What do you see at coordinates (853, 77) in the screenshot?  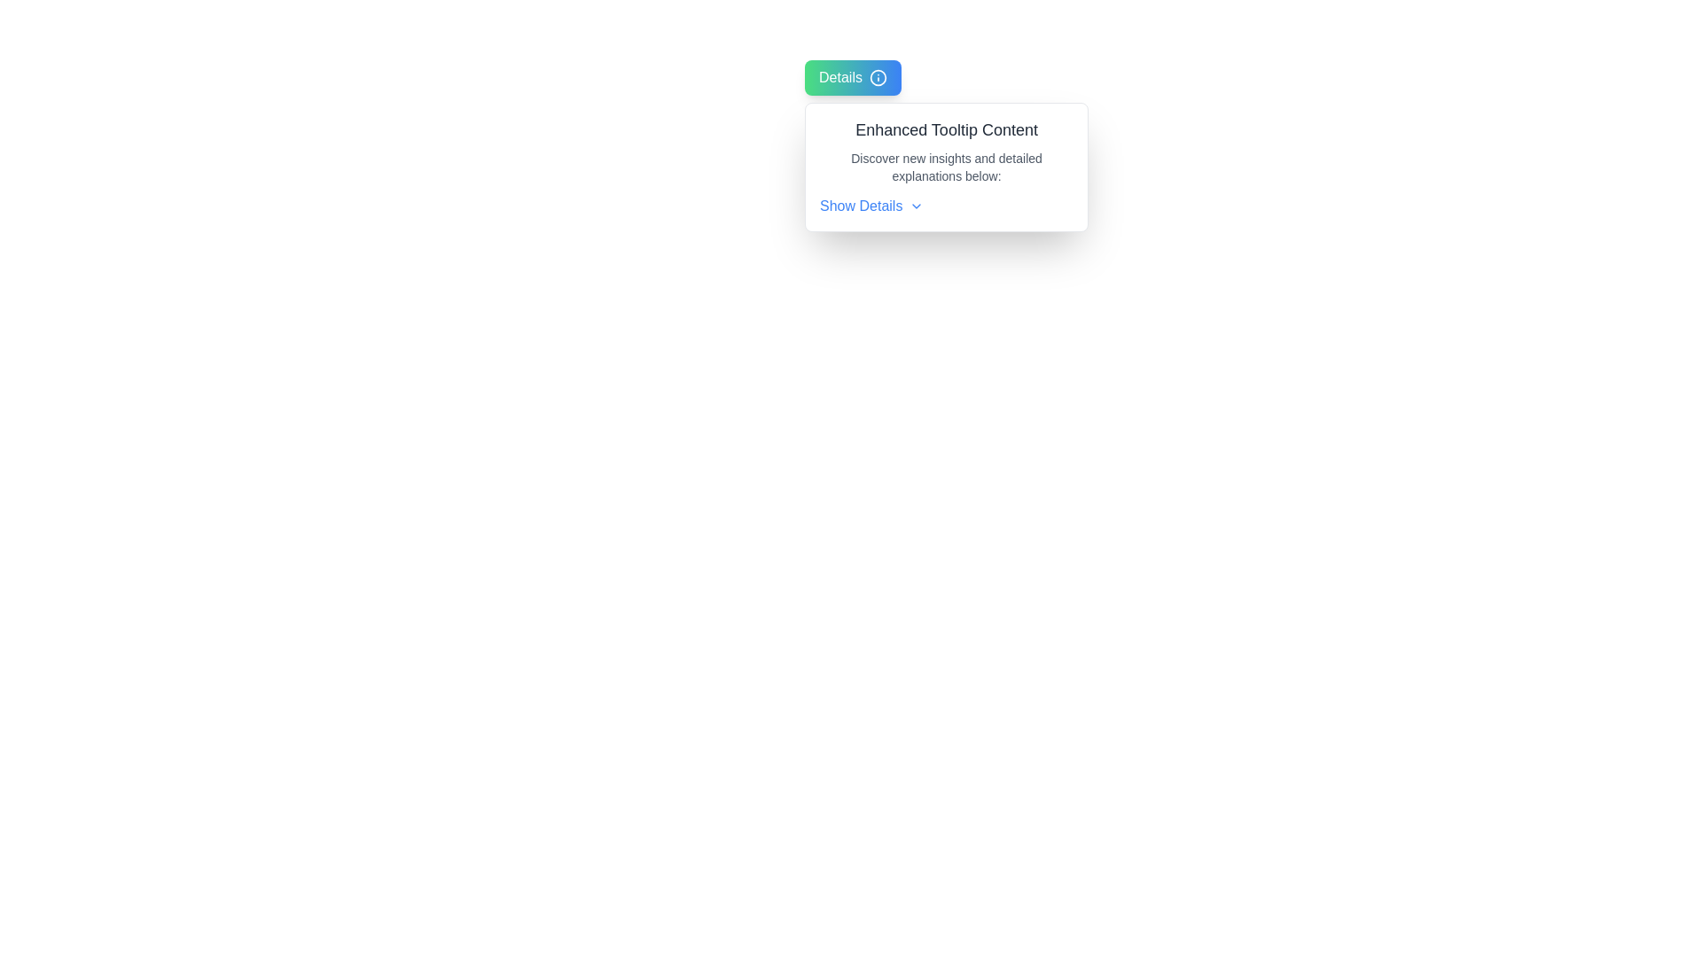 I see `the interactive button located in the top-left corner of the viewport` at bounding box center [853, 77].